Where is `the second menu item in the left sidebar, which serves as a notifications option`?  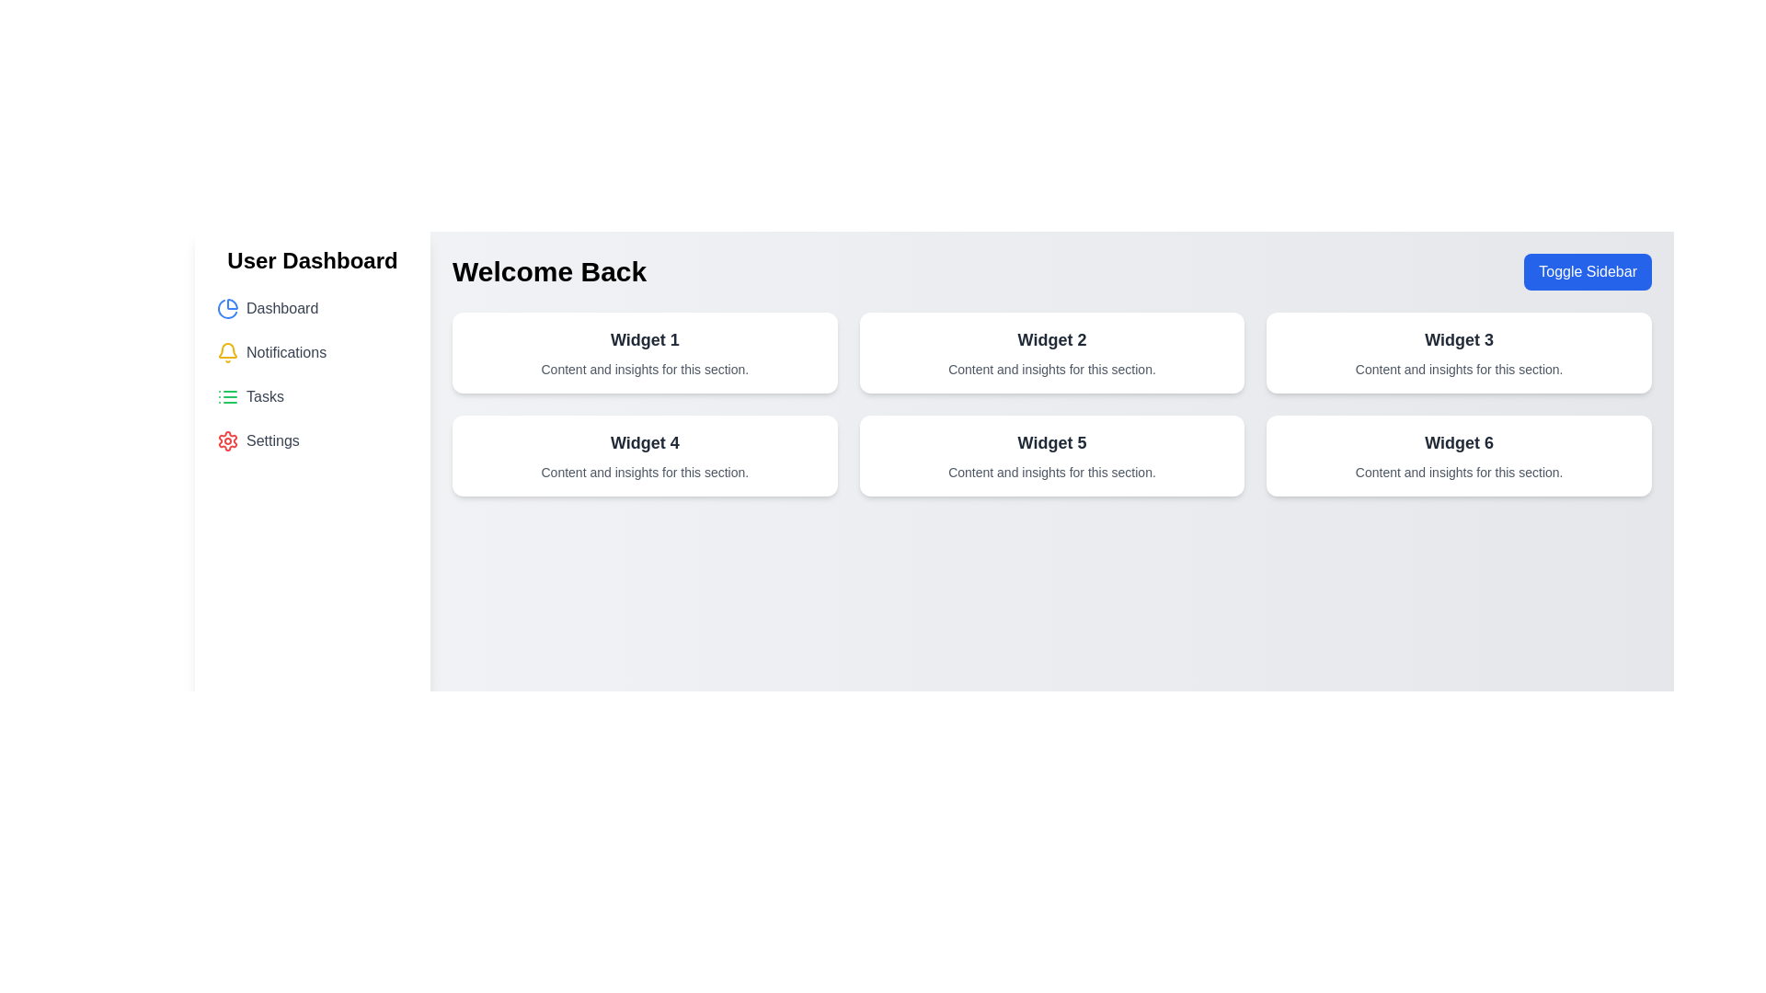
the second menu item in the left sidebar, which serves as a notifications option is located at coordinates (313, 353).